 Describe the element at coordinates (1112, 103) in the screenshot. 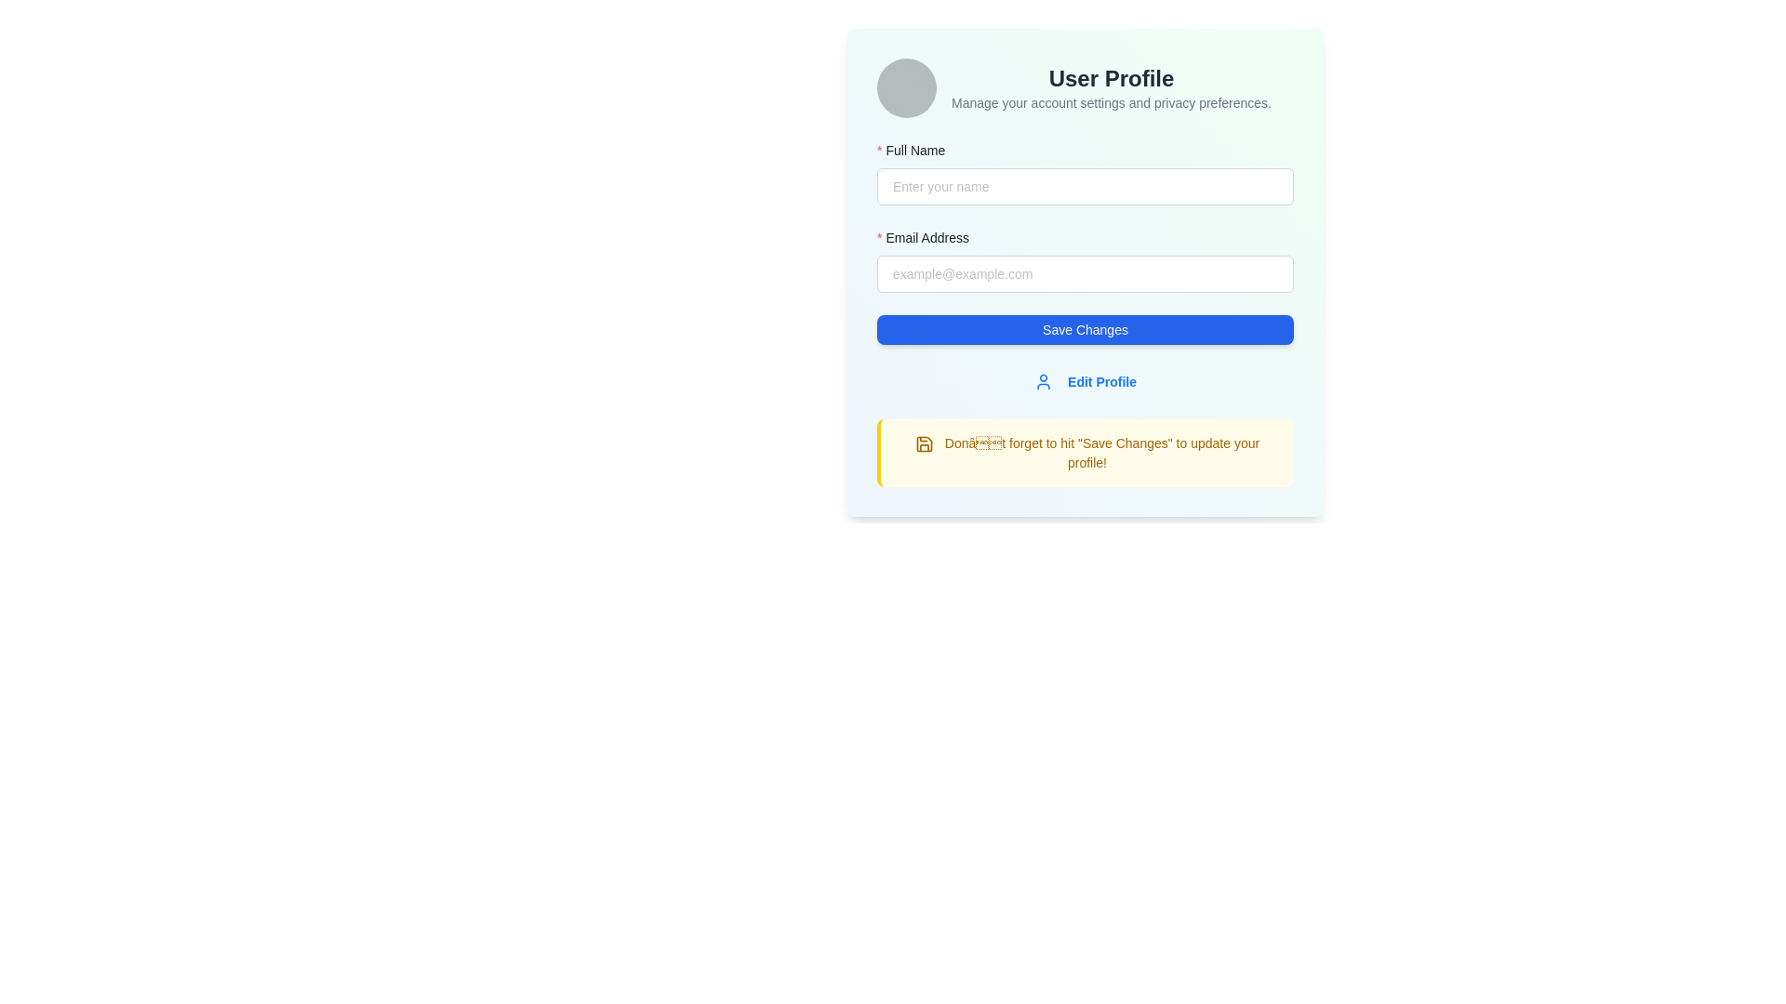

I see `the static text that reads 'Manage your account settings and privacy preferences.' located below the 'User Profile' heading in the user profile settings interface` at that location.